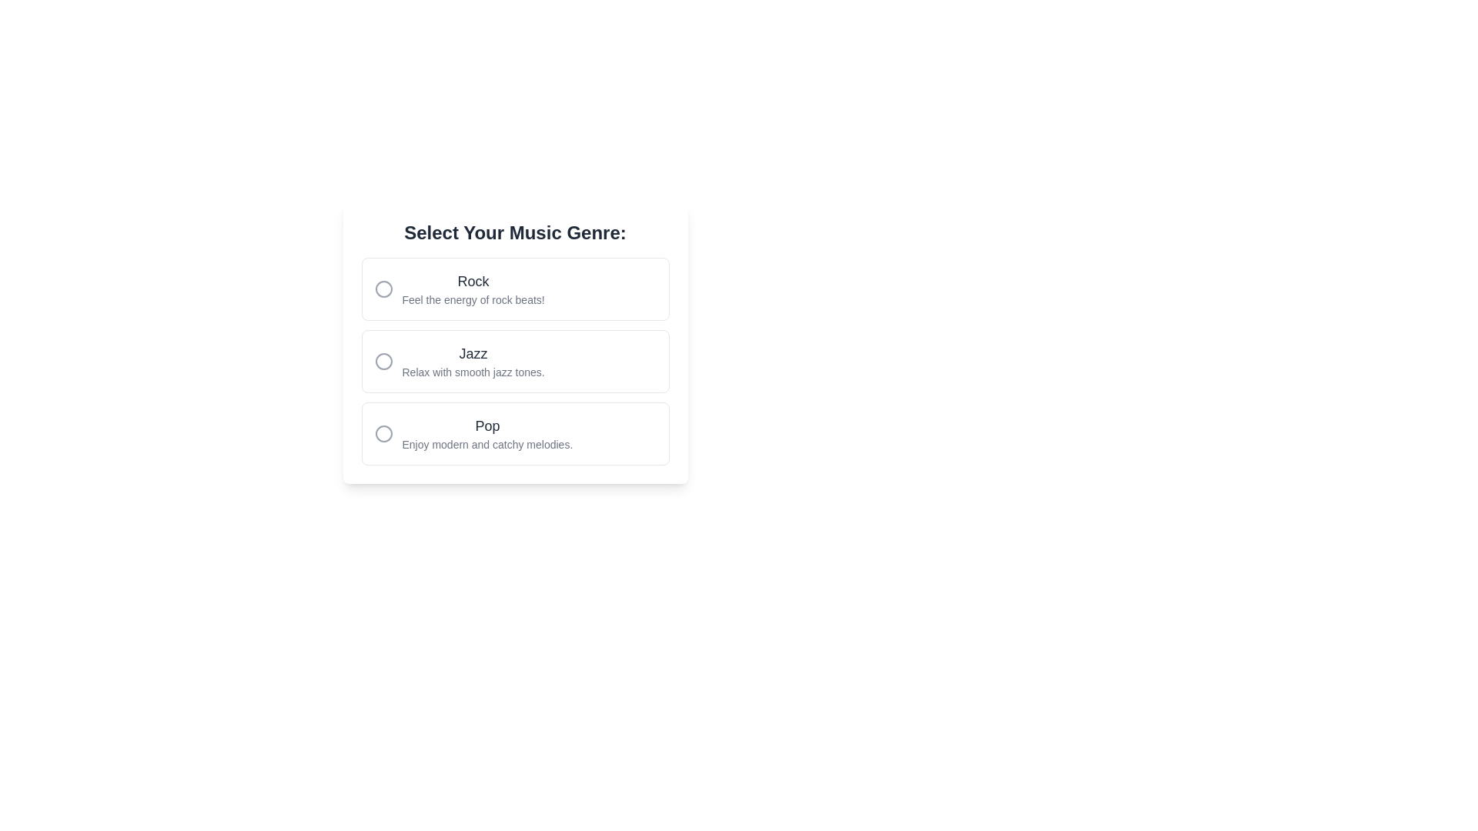 This screenshot has width=1478, height=831. I want to click on the descriptive text element located below the 'Jazz' heading in the music genre selection panel, so click(473, 372).